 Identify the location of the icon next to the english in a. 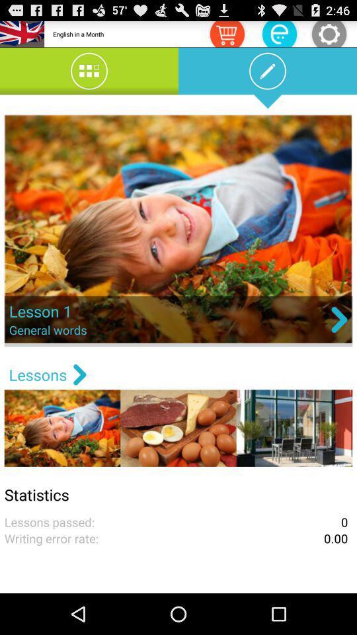
(226, 33).